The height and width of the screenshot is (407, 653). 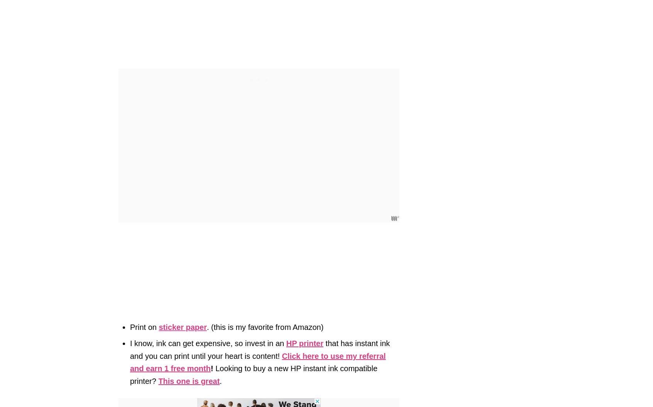 I want to click on 'I know, ink can get expensive, so invest in an', so click(x=208, y=343).